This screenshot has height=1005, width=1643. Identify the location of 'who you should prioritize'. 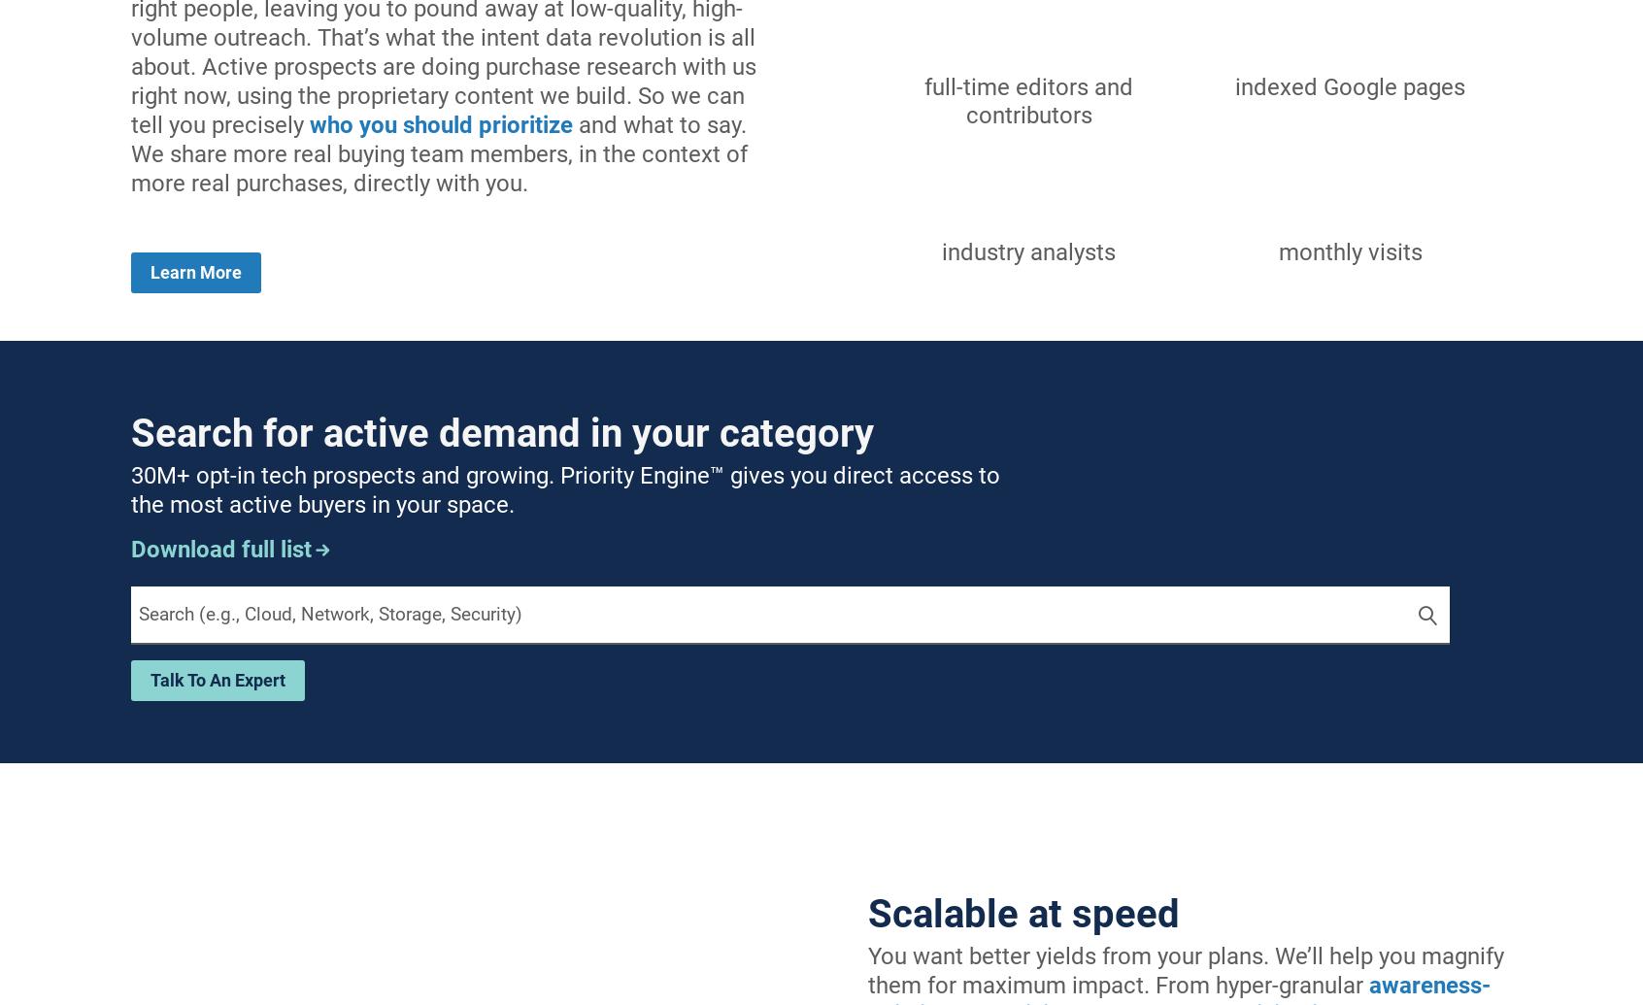
(440, 124).